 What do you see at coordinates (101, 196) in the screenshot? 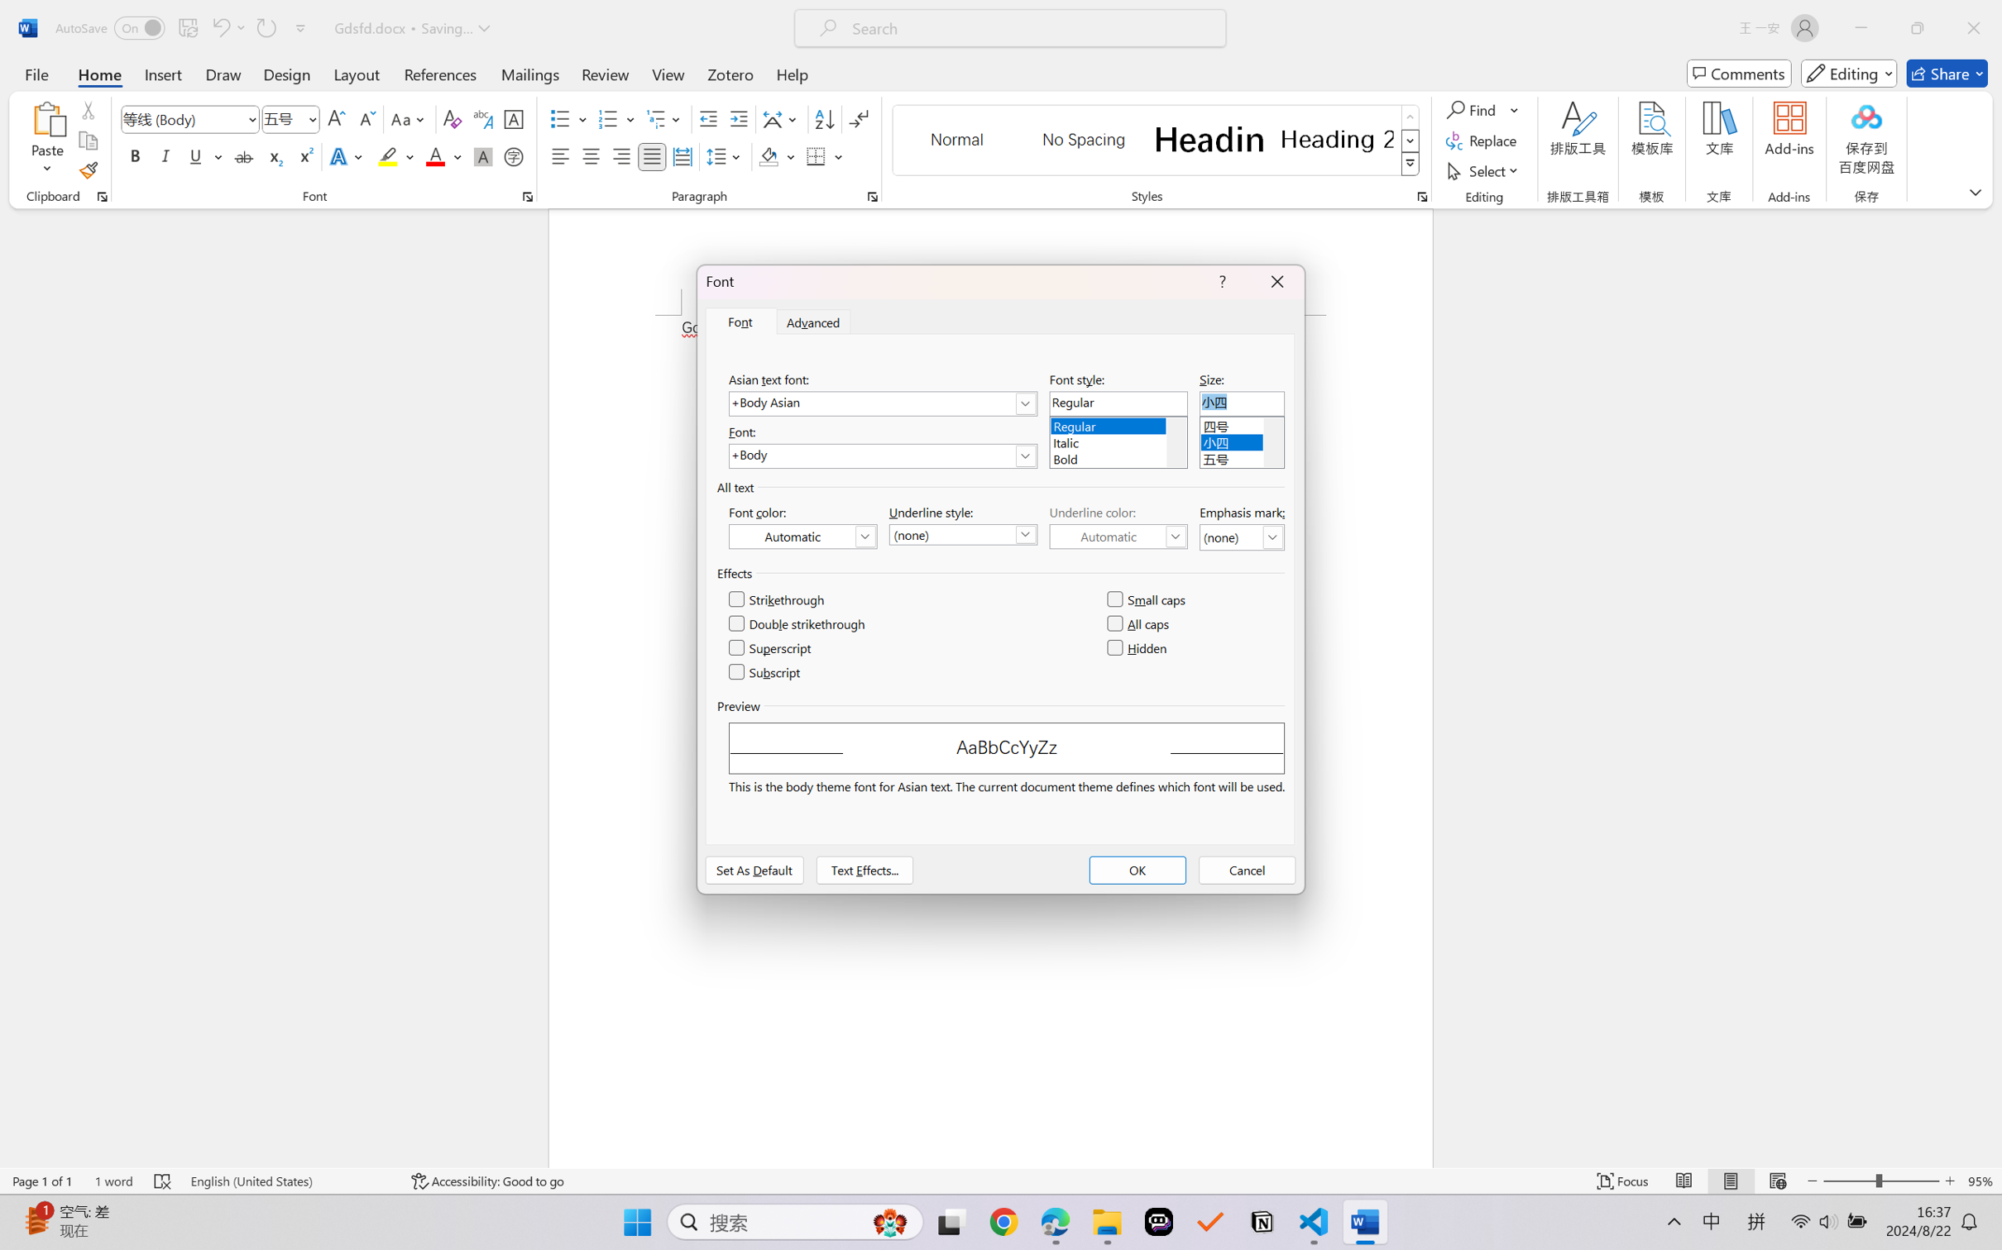
I see `'Office Clipboard...'` at bounding box center [101, 196].